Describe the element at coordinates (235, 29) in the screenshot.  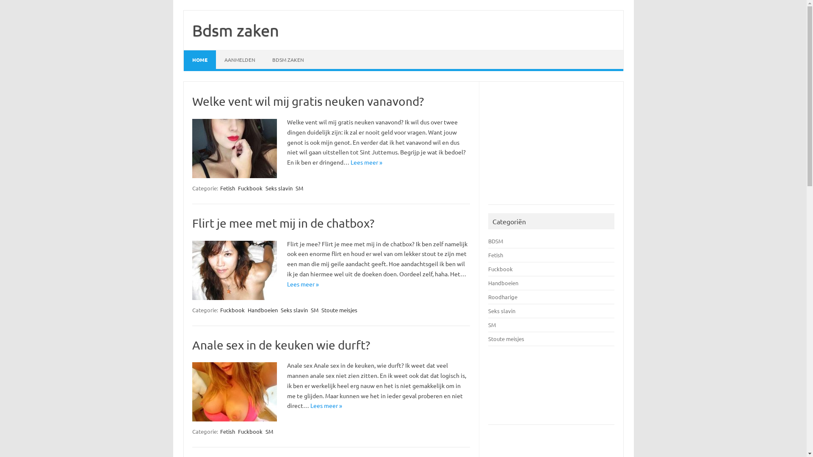
I see `'Bdsm zaken'` at that location.